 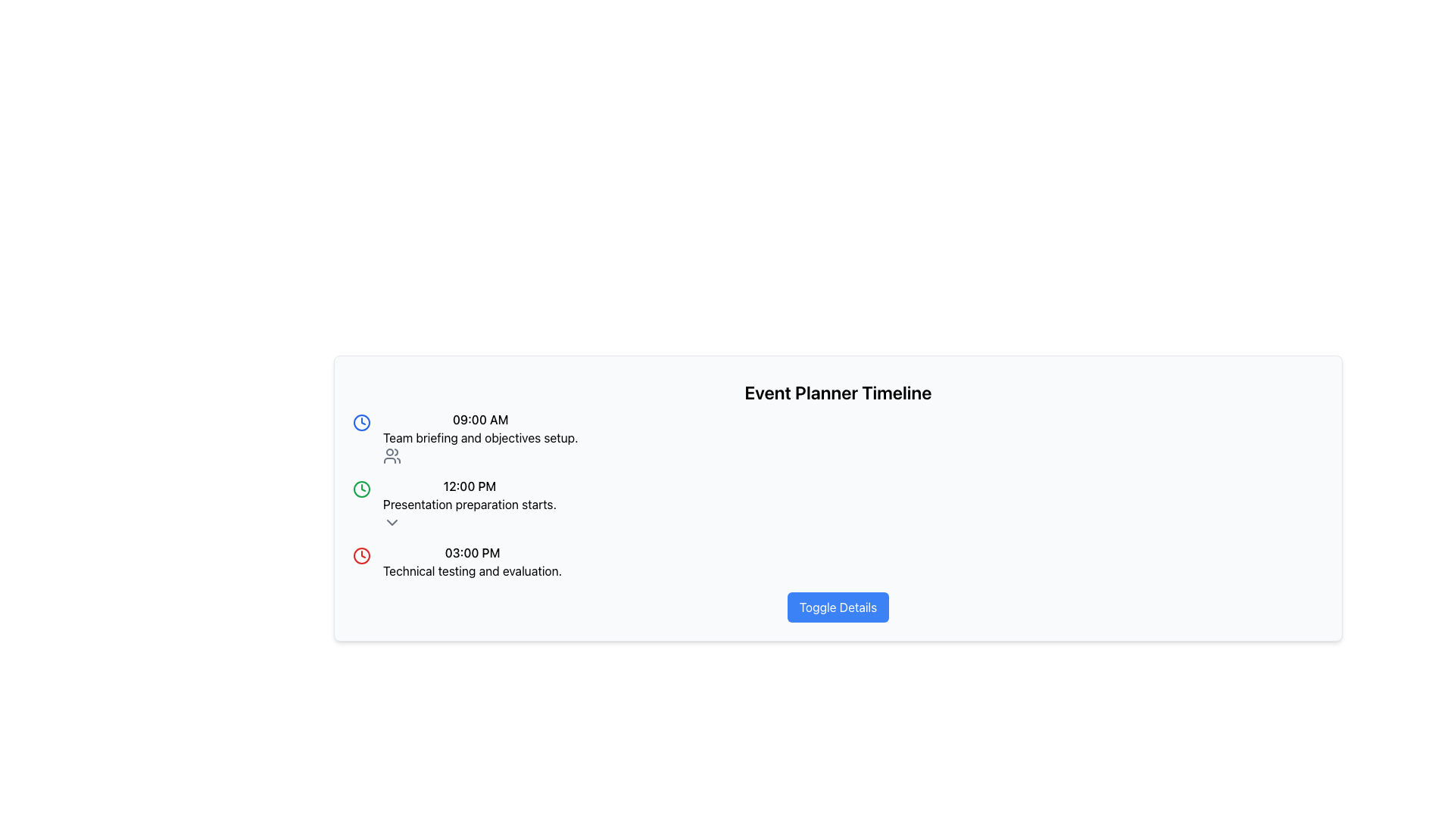 I want to click on the Decorative Icon (SVG) that visually indicates teamwork, located below 'Team briefing and objectives setup.', so click(x=392, y=455).